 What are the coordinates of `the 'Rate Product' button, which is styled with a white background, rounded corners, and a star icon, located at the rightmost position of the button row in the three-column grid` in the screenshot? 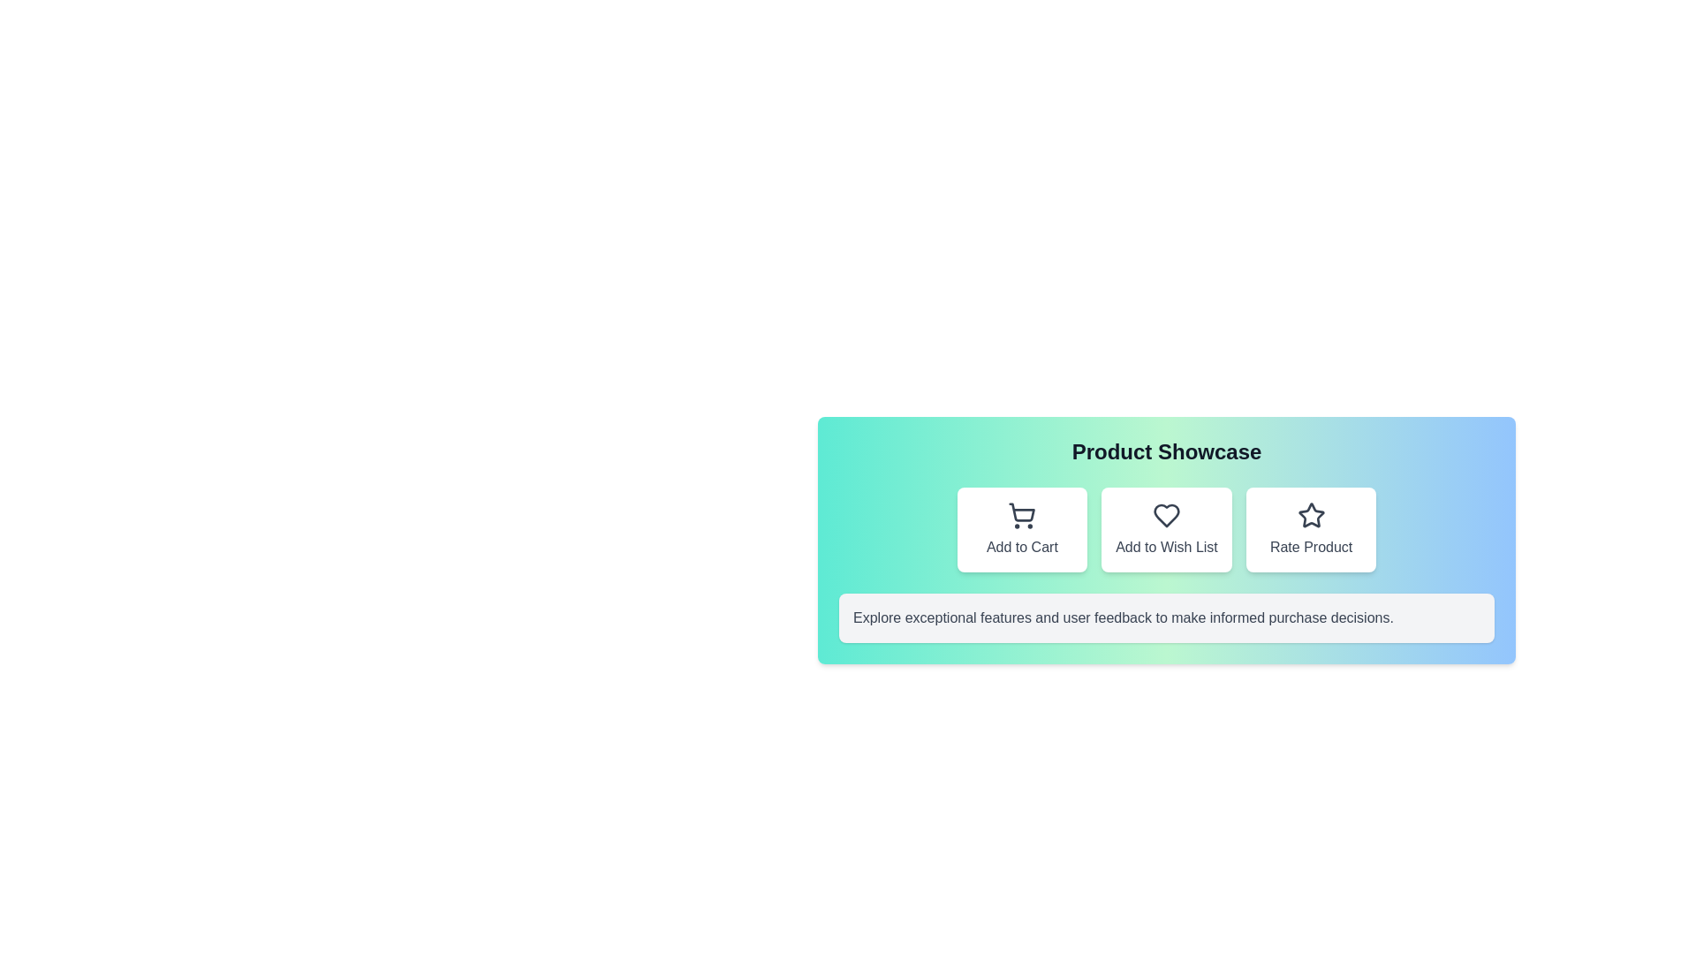 It's located at (1311, 529).